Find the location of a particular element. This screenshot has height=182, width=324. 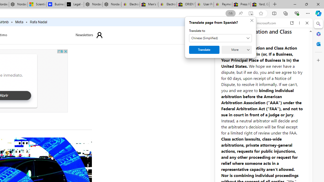

'Press Room - eBay Inc.' is located at coordinates (241, 4).